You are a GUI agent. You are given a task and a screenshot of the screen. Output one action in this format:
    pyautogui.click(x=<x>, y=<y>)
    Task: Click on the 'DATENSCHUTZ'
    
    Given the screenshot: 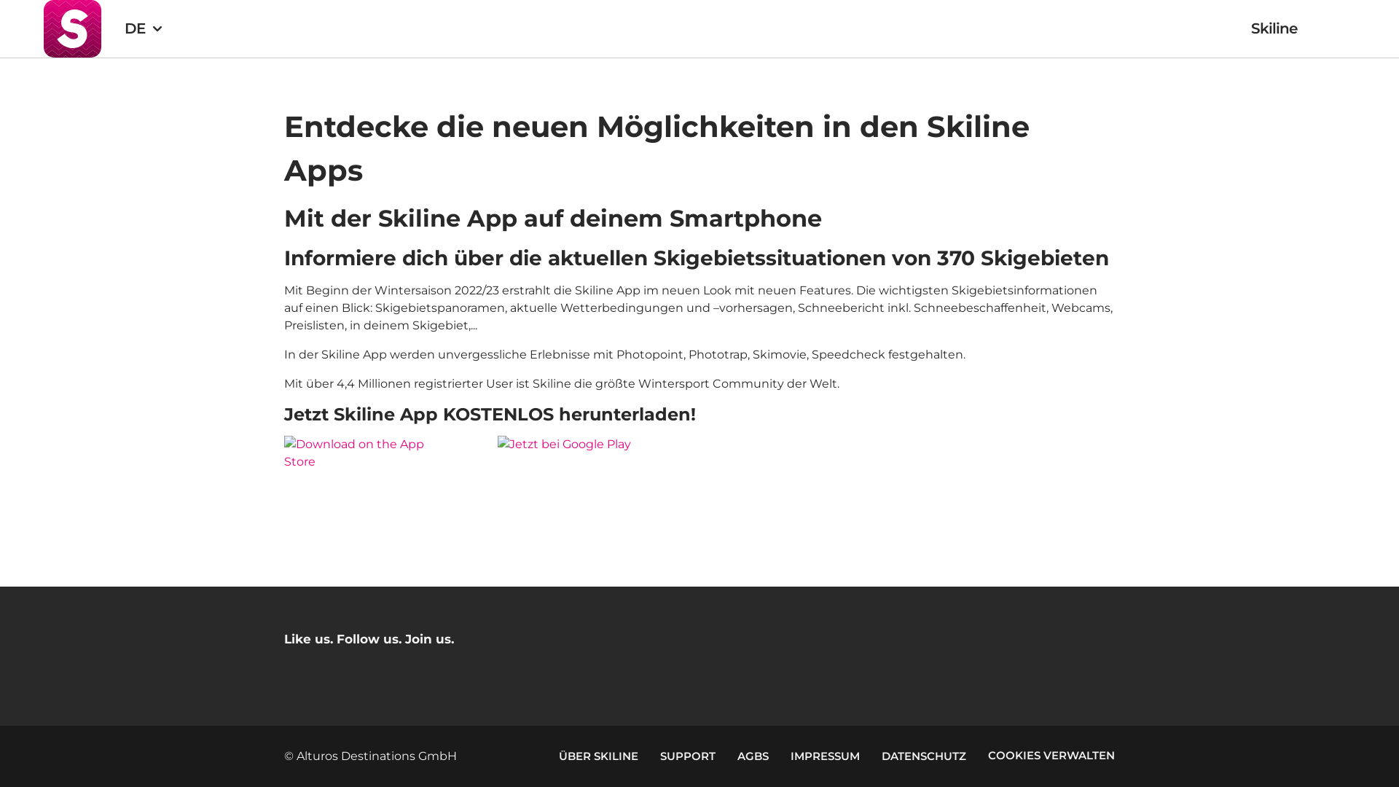 What is the action you would take?
    pyautogui.click(x=922, y=755)
    